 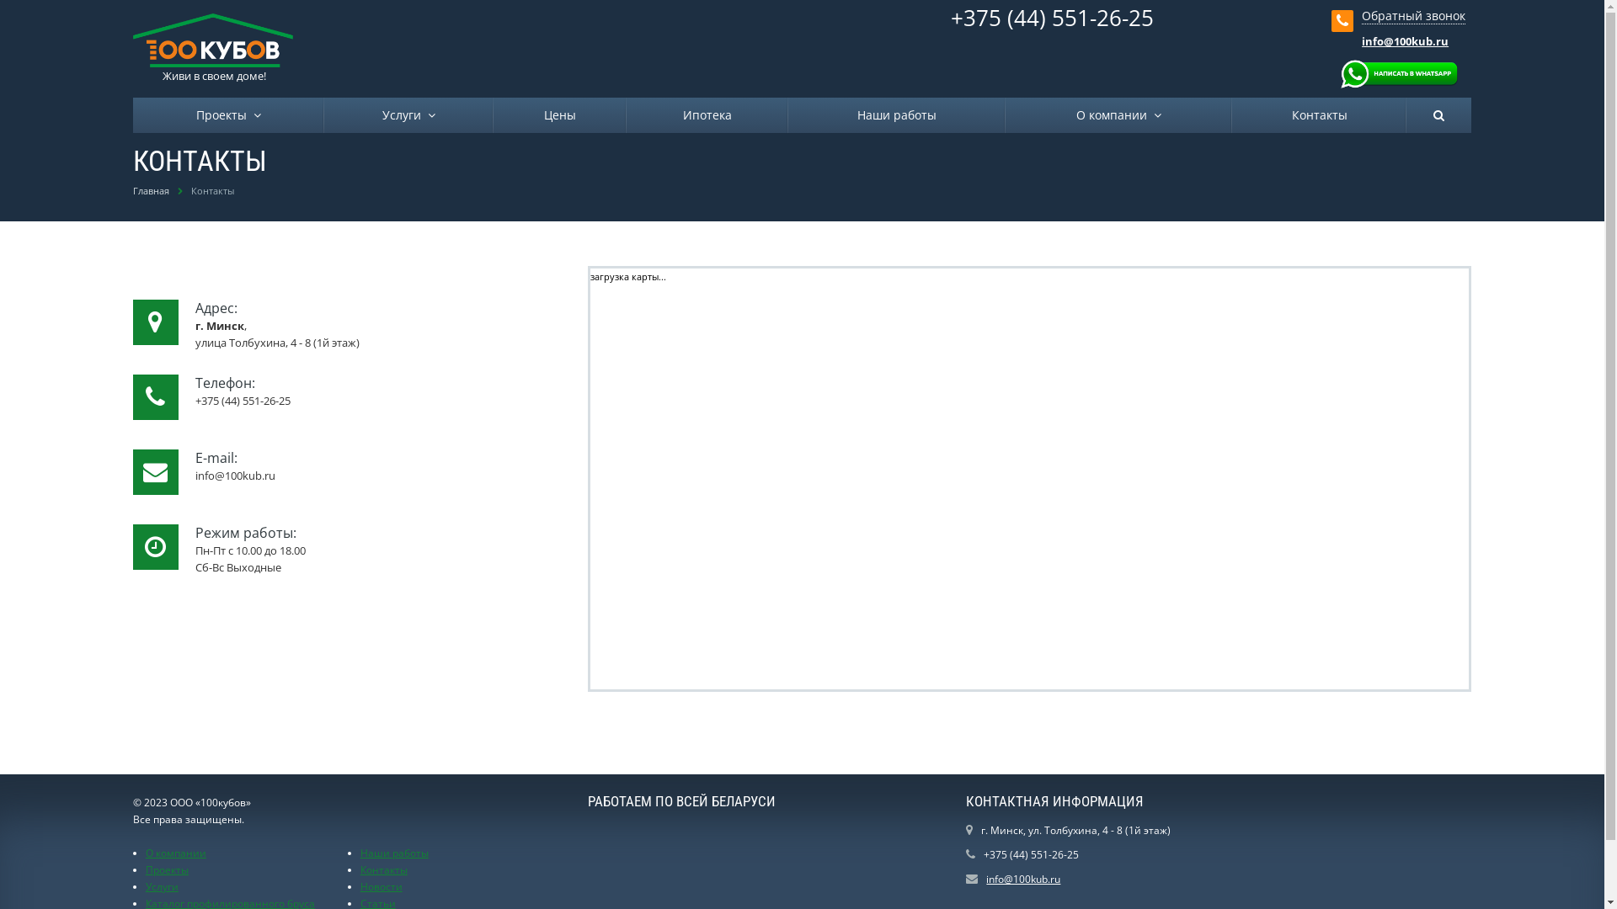 What do you see at coordinates (1051, 17) in the screenshot?
I see `'+375 (44) 551-26-25'` at bounding box center [1051, 17].